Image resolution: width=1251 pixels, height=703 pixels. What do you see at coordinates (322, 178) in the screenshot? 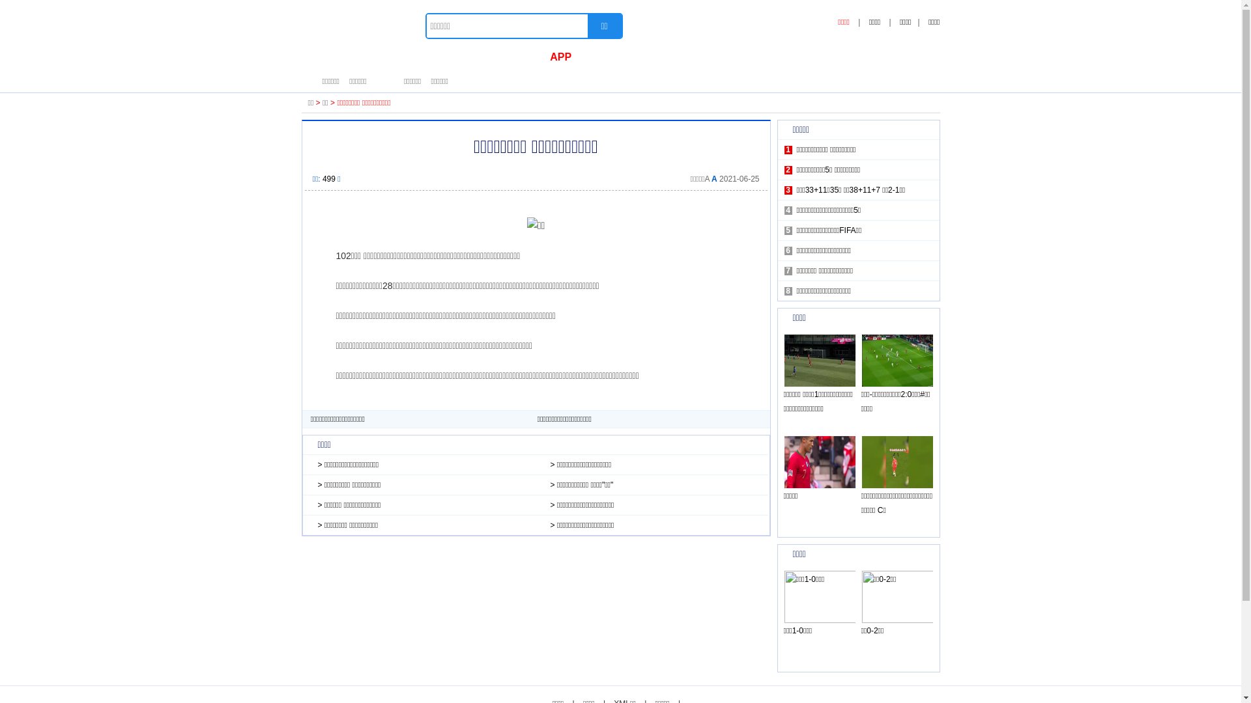
I see `'499'` at bounding box center [322, 178].